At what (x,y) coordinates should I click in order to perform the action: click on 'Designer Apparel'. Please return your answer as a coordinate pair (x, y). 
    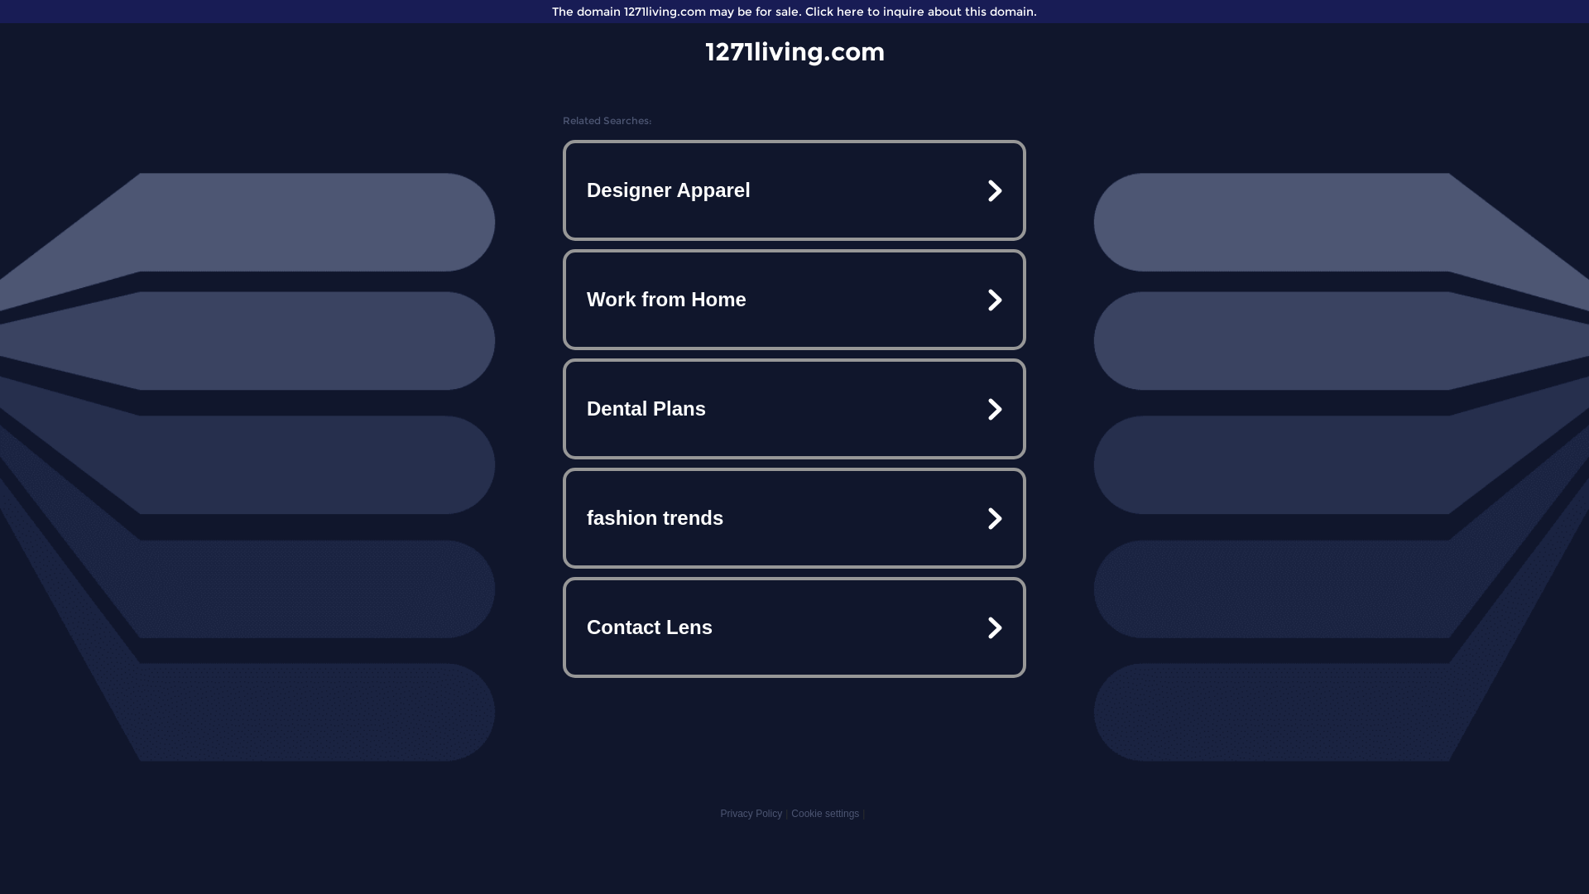
    Looking at the image, I should click on (794, 190).